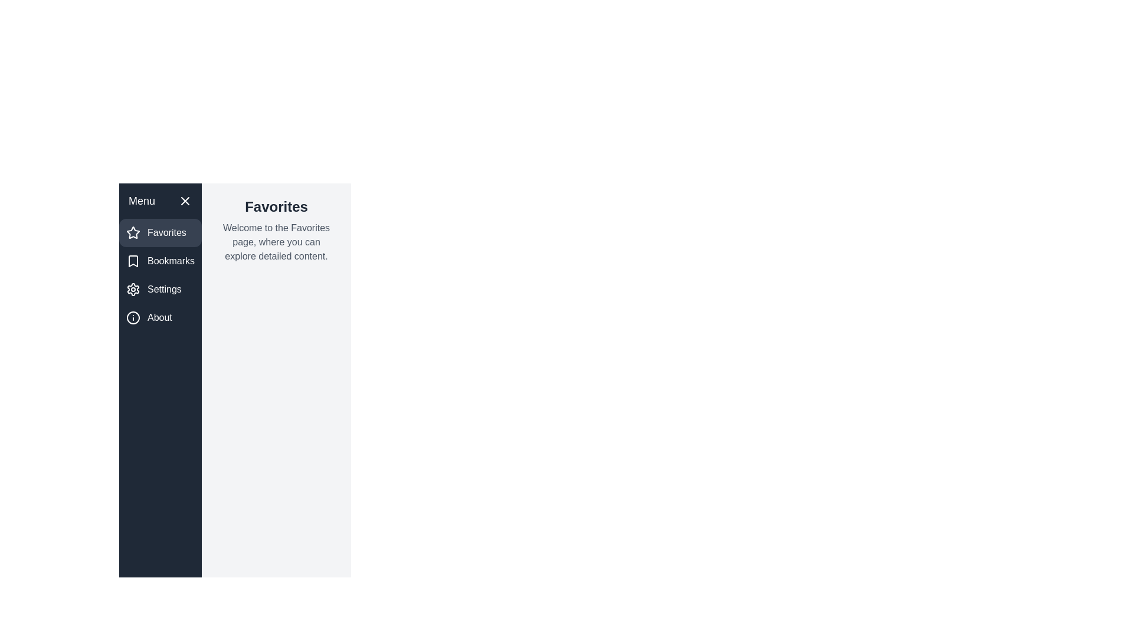  Describe the element at coordinates (133, 232) in the screenshot. I see `the Favorites icon in the navigation menu, which is the first icon beside the 'Favorites' label located near the top of the vertical navigation menu on the left side` at that location.